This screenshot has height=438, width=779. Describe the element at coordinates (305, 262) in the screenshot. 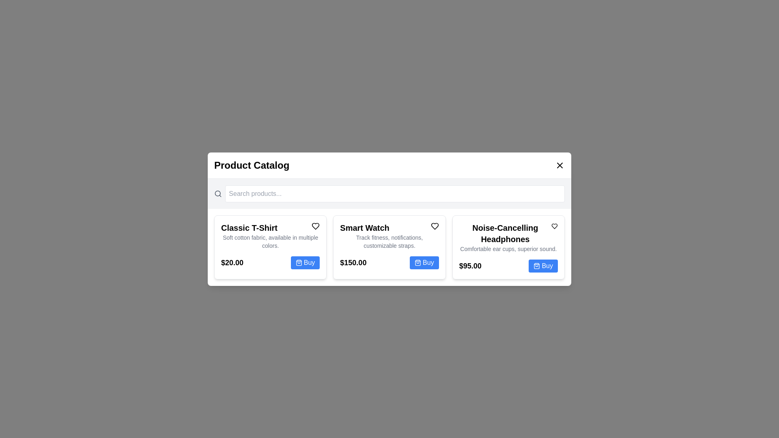

I see `the 'Buy' button for the product 'Classic T-Shirt' to add it to the shopping cart` at that location.